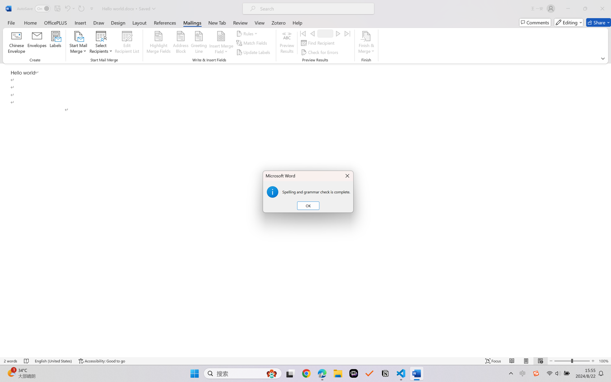 This screenshot has height=382, width=611. Describe the element at coordinates (536, 373) in the screenshot. I see `'Class: Image'` at that location.